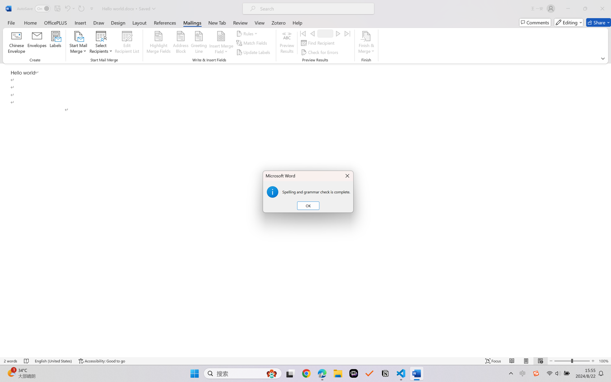 This screenshot has height=382, width=611. Describe the element at coordinates (536, 373) in the screenshot. I see `'Class: Image'` at that location.